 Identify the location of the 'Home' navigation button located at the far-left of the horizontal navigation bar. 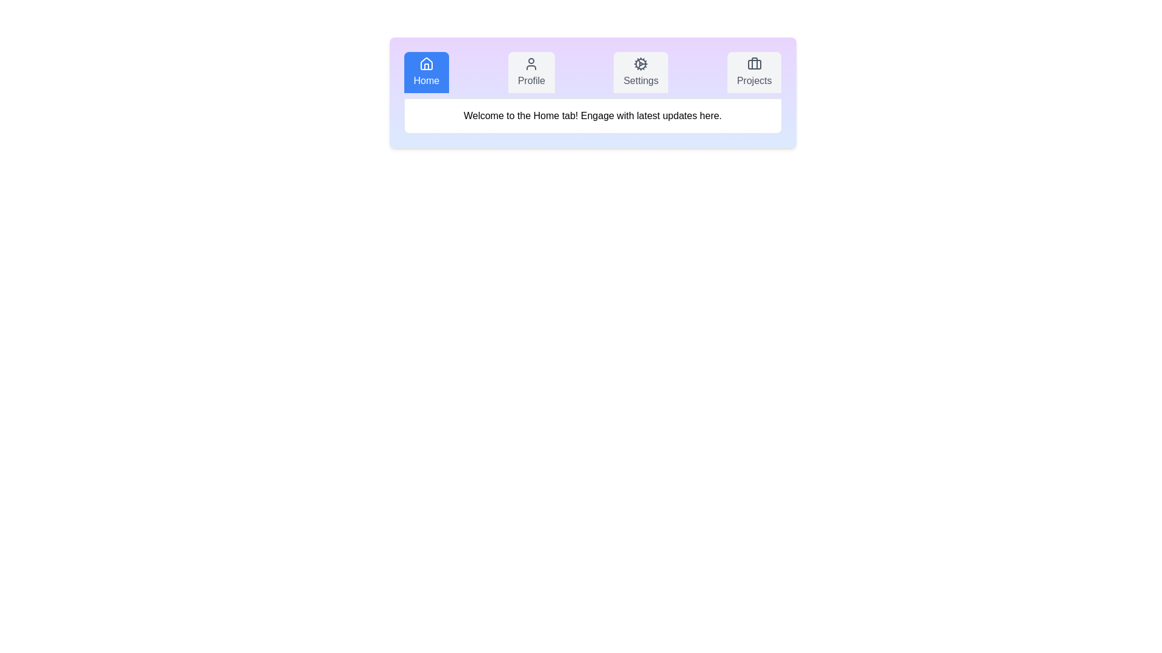
(426, 72).